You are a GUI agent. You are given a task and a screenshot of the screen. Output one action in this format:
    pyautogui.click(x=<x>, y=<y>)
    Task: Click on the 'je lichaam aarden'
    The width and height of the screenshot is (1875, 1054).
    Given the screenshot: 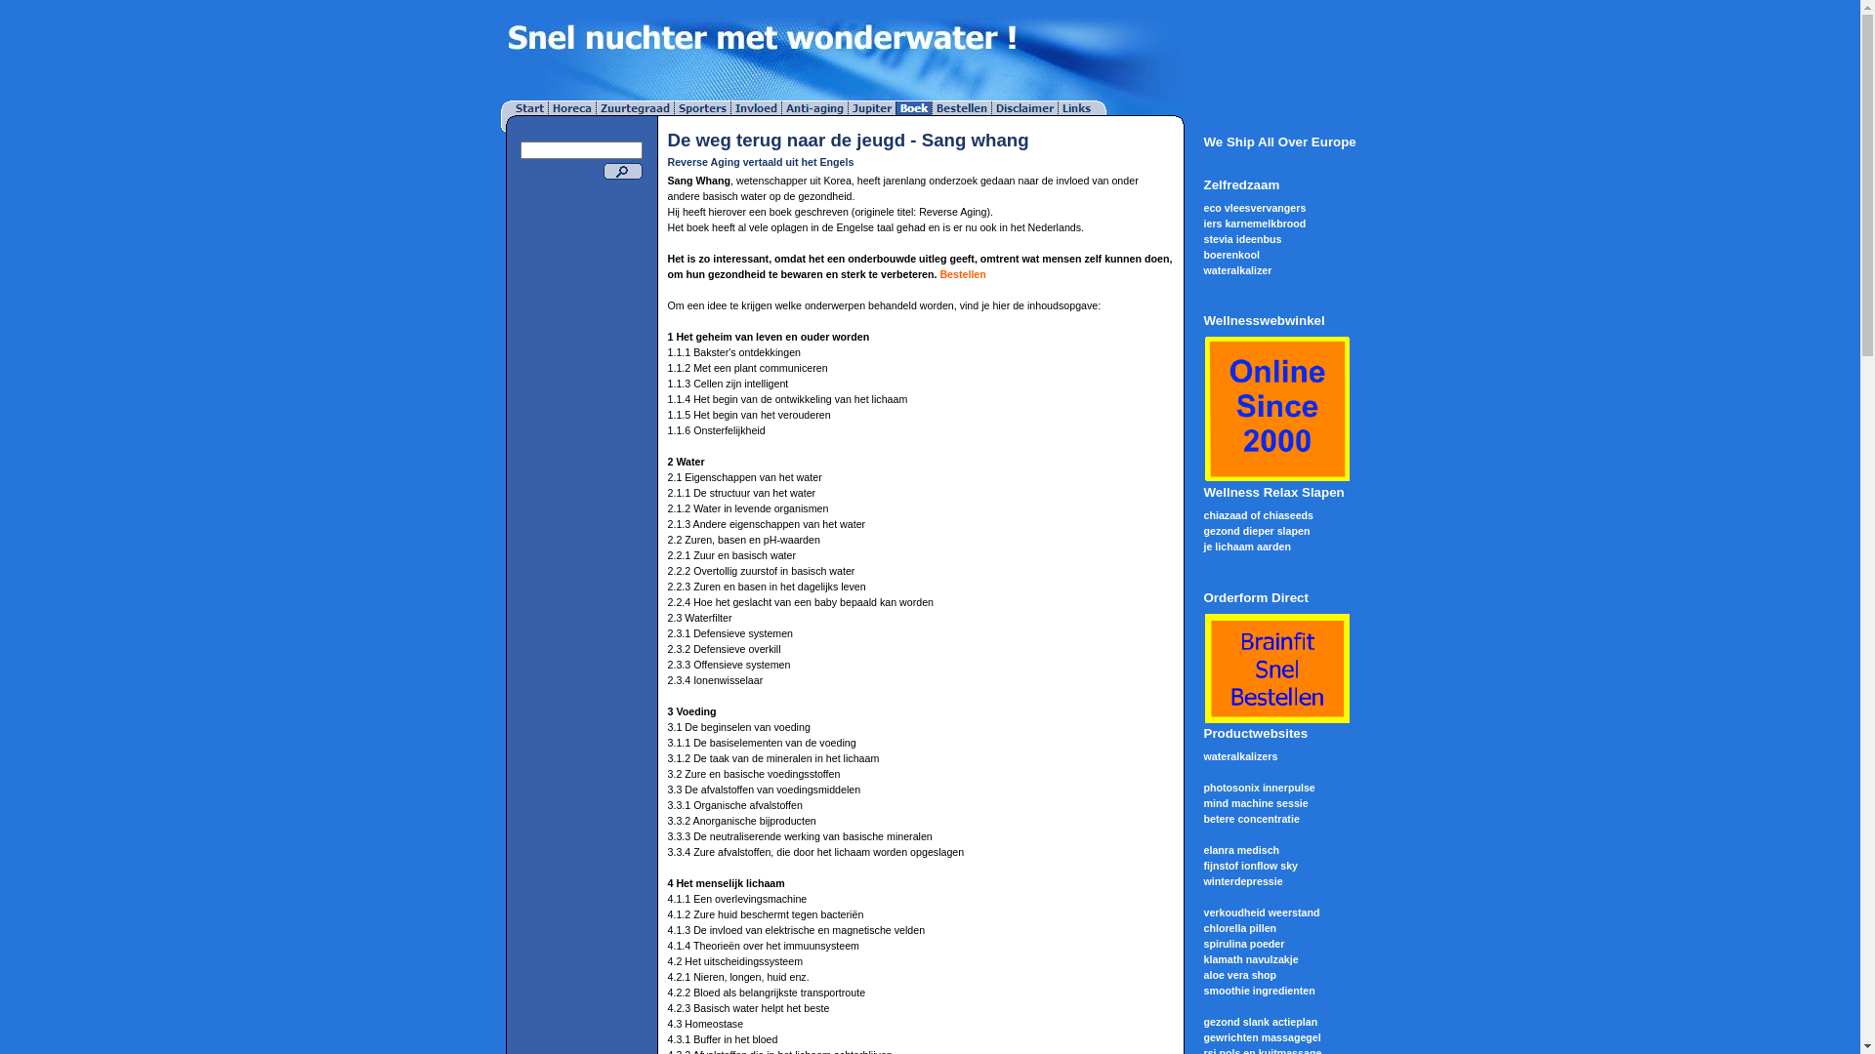 What is the action you would take?
    pyautogui.click(x=1245, y=546)
    